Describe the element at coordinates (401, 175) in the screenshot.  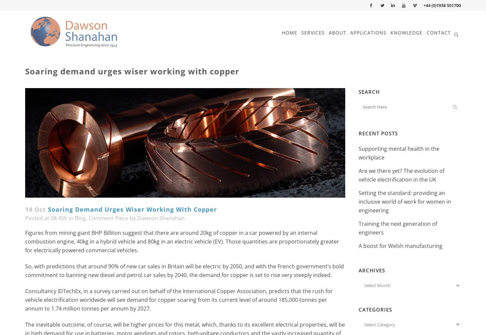
I see `'Are we there yet? The evolution of vehicle electrification in the UK'` at that location.